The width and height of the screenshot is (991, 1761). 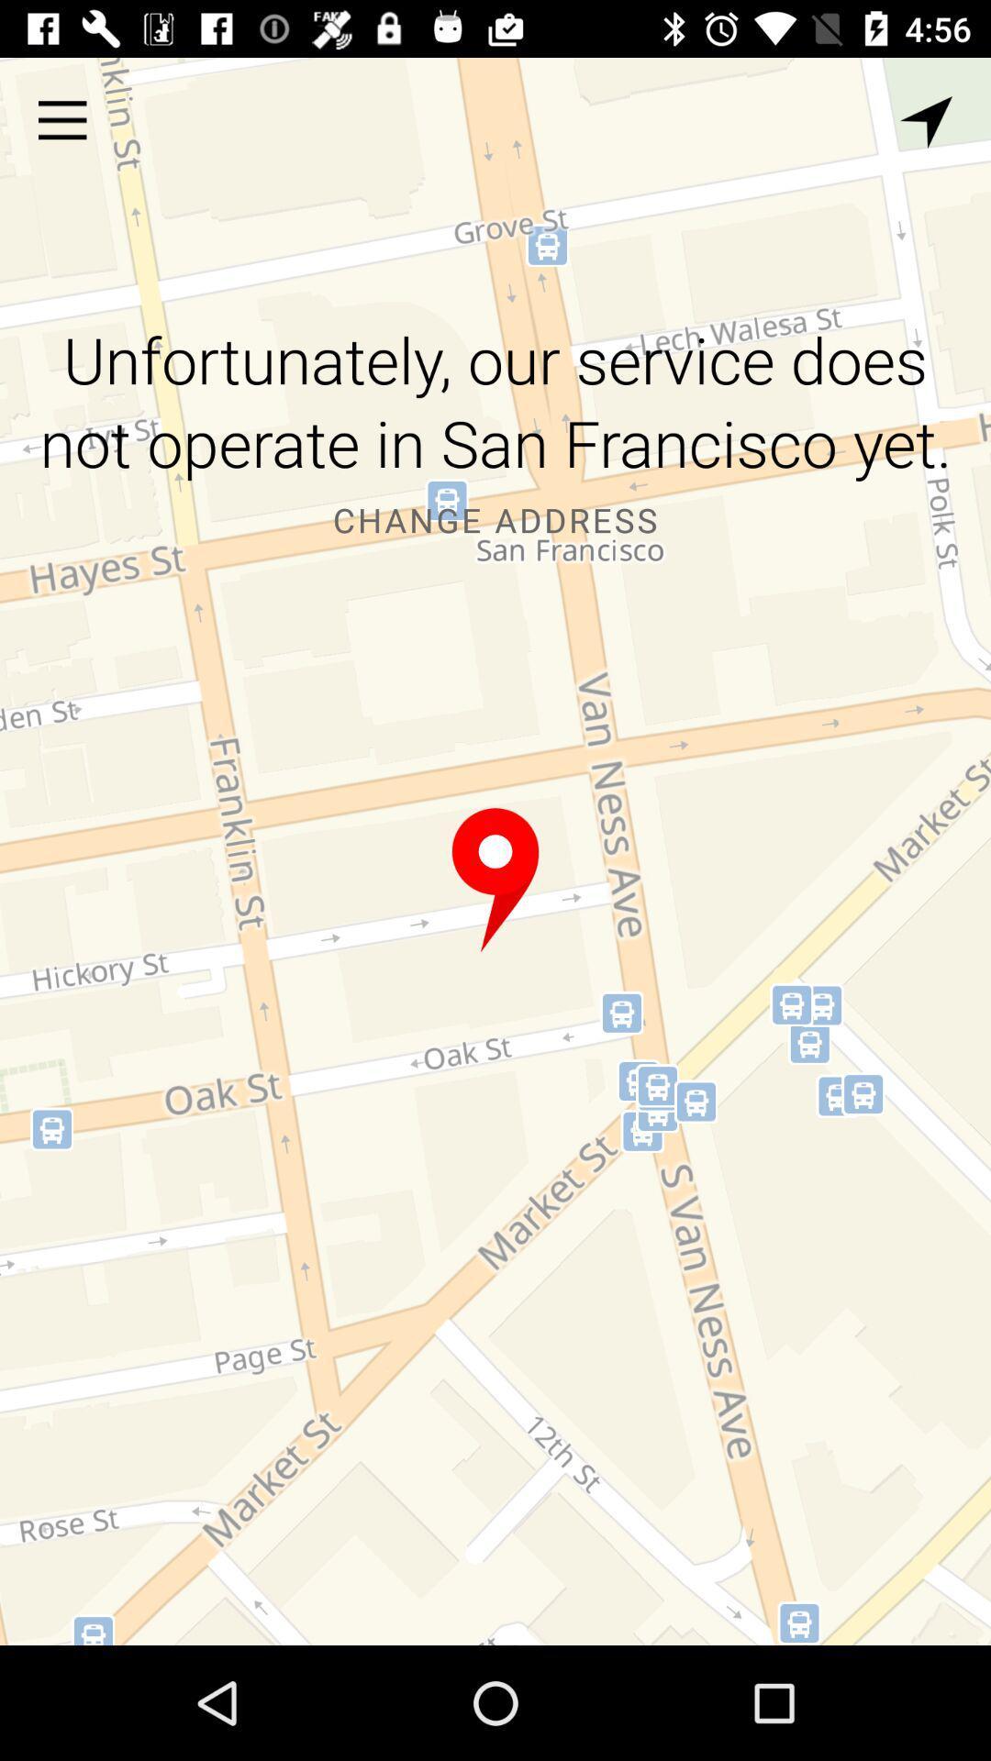 What do you see at coordinates (61, 119) in the screenshot?
I see `menu section` at bounding box center [61, 119].